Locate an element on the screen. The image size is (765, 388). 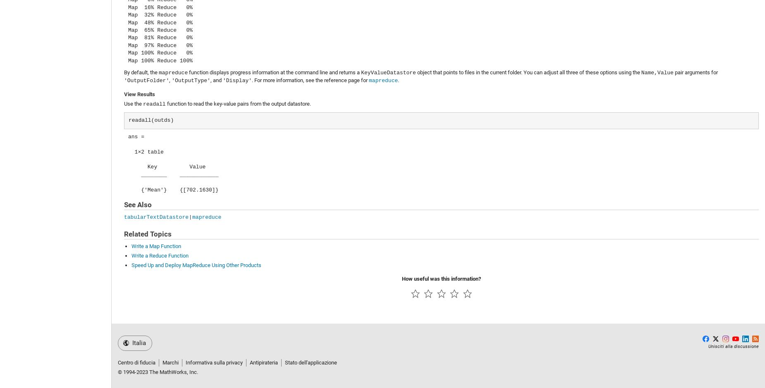
'See Also' is located at coordinates (137, 205).